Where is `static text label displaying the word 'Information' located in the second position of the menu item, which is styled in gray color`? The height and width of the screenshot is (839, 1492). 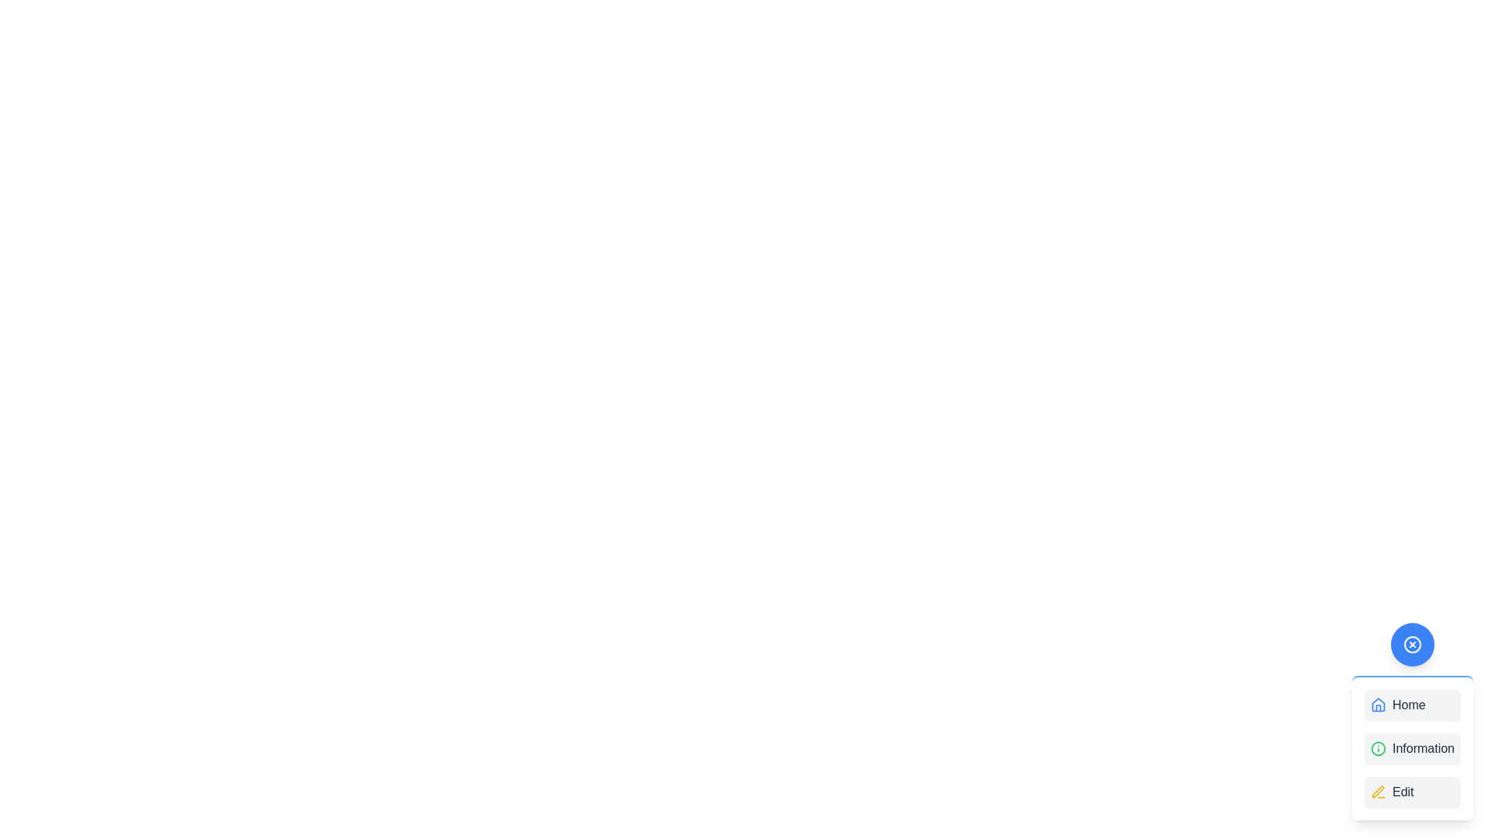
static text label displaying the word 'Information' located in the second position of the menu item, which is styled in gray color is located at coordinates (1424, 748).